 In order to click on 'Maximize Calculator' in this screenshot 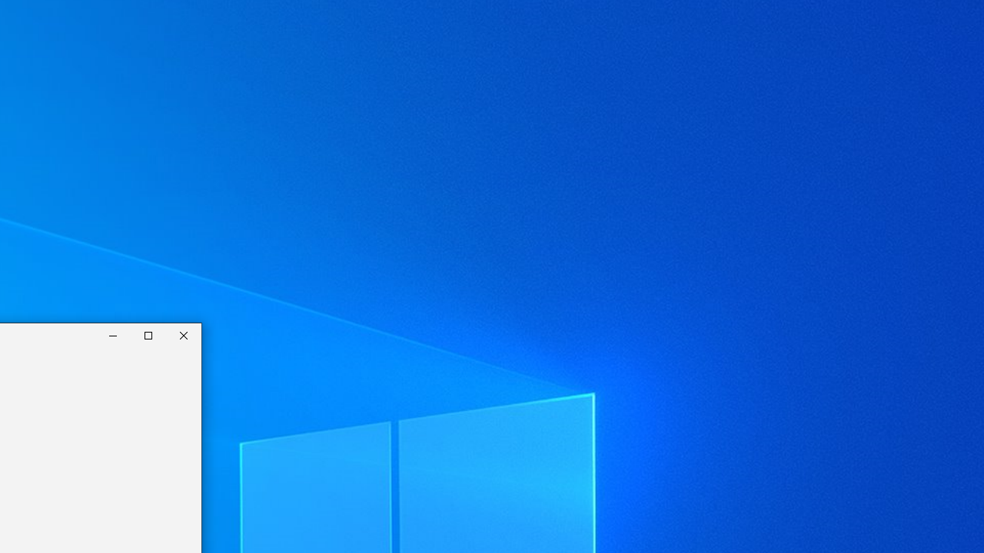, I will do `click(148, 335)`.